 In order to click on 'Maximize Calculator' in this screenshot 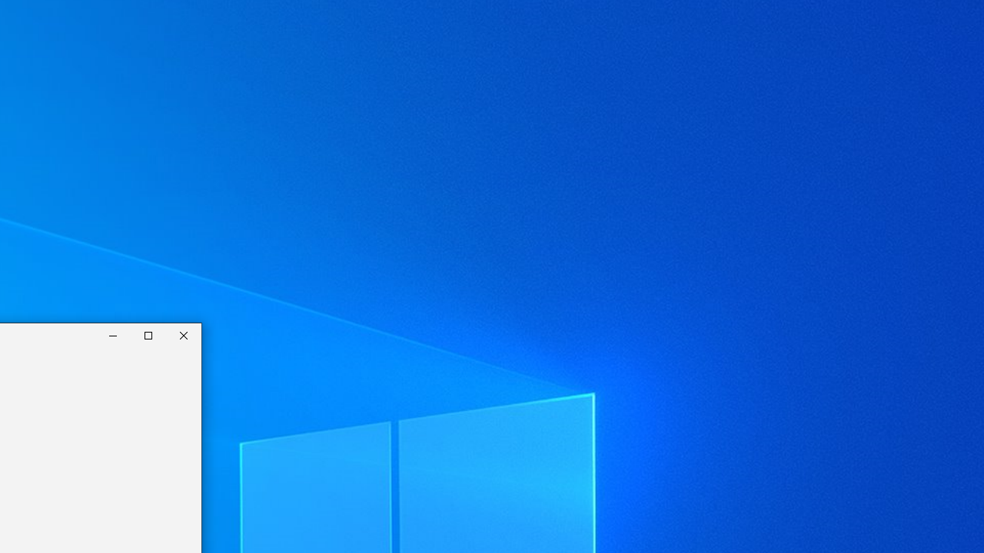, I will do `click(148, 335)`.